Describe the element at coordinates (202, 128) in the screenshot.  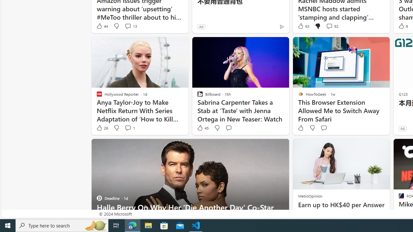
I see `'45 Like'` at that location.